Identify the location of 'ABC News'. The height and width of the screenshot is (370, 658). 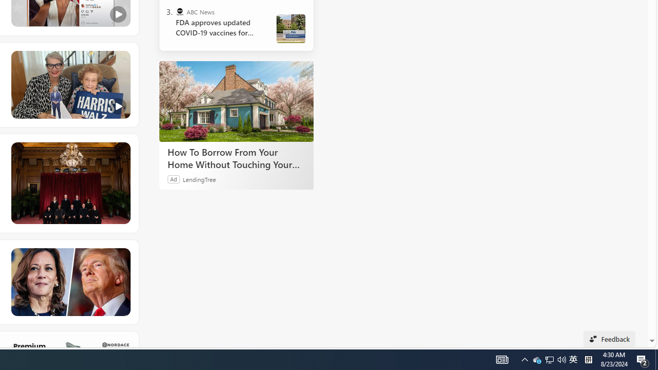
(180, 12).